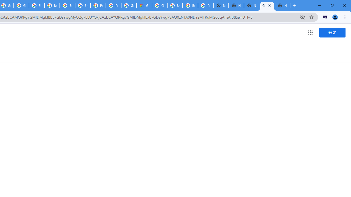 The height and width of the screenshot is (197, 351). Describe the element at coordinates (144, 5) in the screenshot. I see `'Google Cloud Estimate Summary'` at that location.